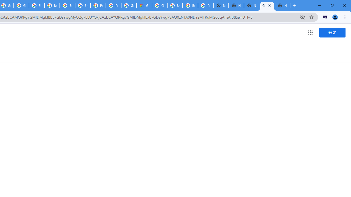 The height and width of the screenshot is (197, 351). Describe the element at coordinates (144, 5) in the screenshot. I see `'Google Cloud Estimate Summary'` at that location.